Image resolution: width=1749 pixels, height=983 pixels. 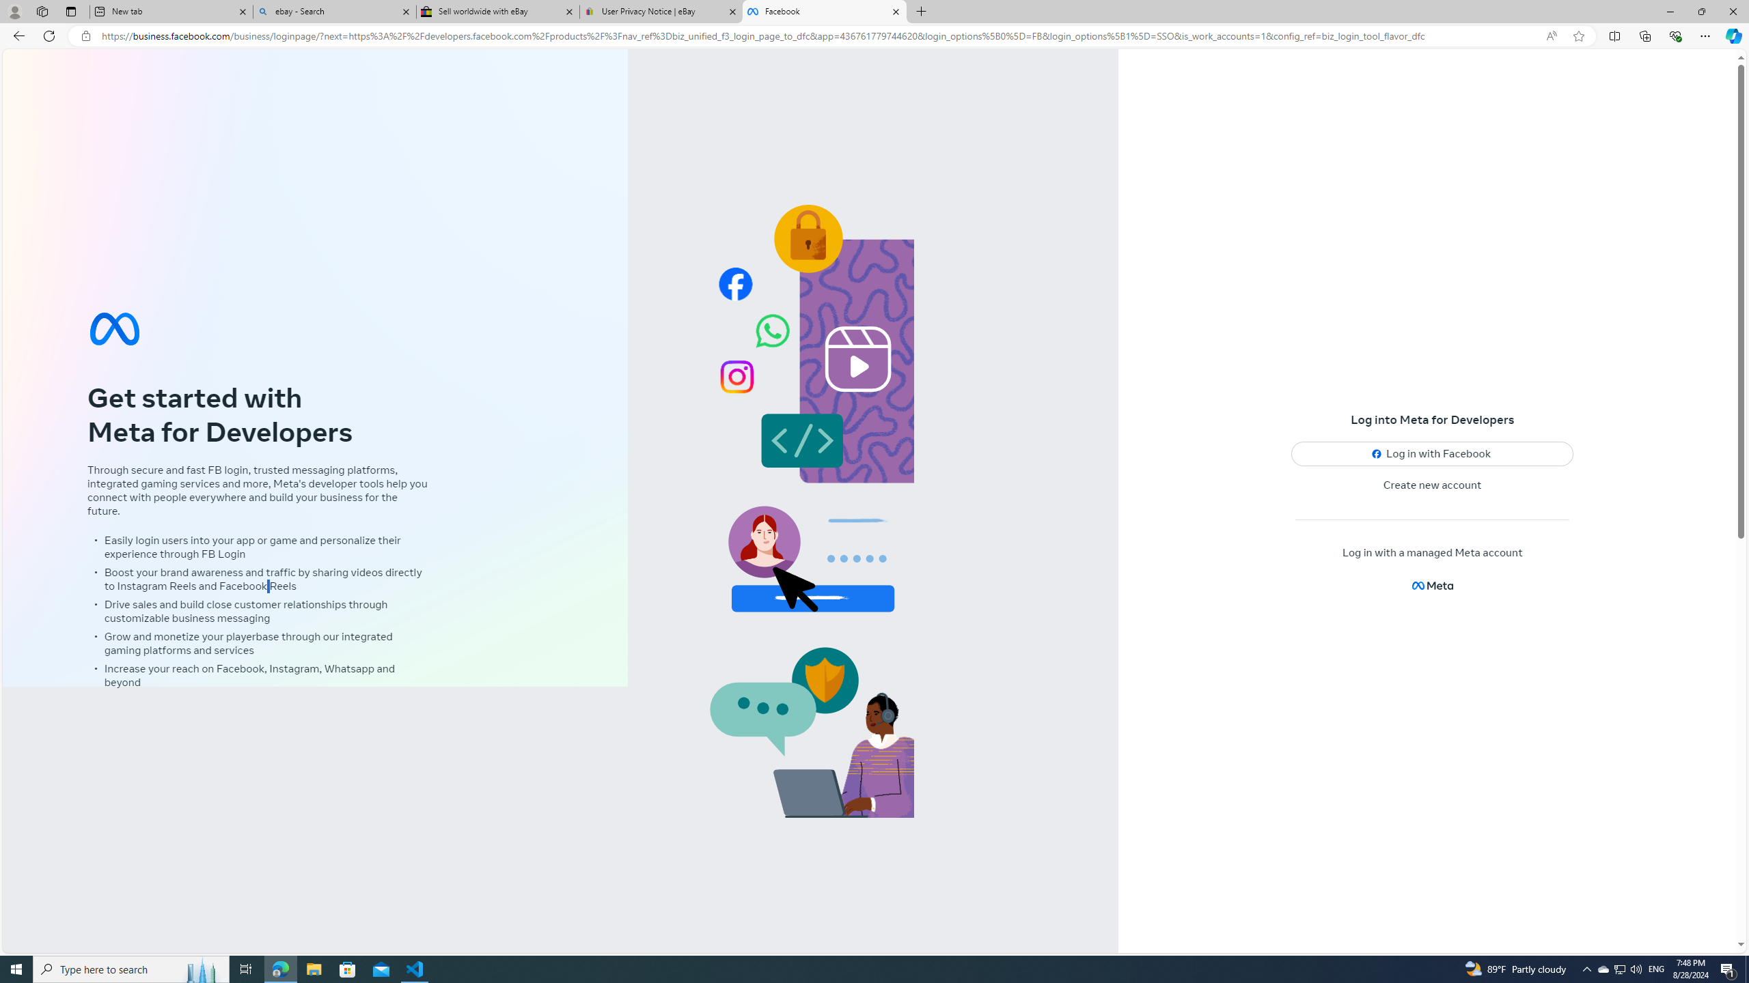 What do you see at coordinates (1431, 552) in the screenshot?
I see `'Log in with a managed Meta account'` at bounding box center [1431, 552].